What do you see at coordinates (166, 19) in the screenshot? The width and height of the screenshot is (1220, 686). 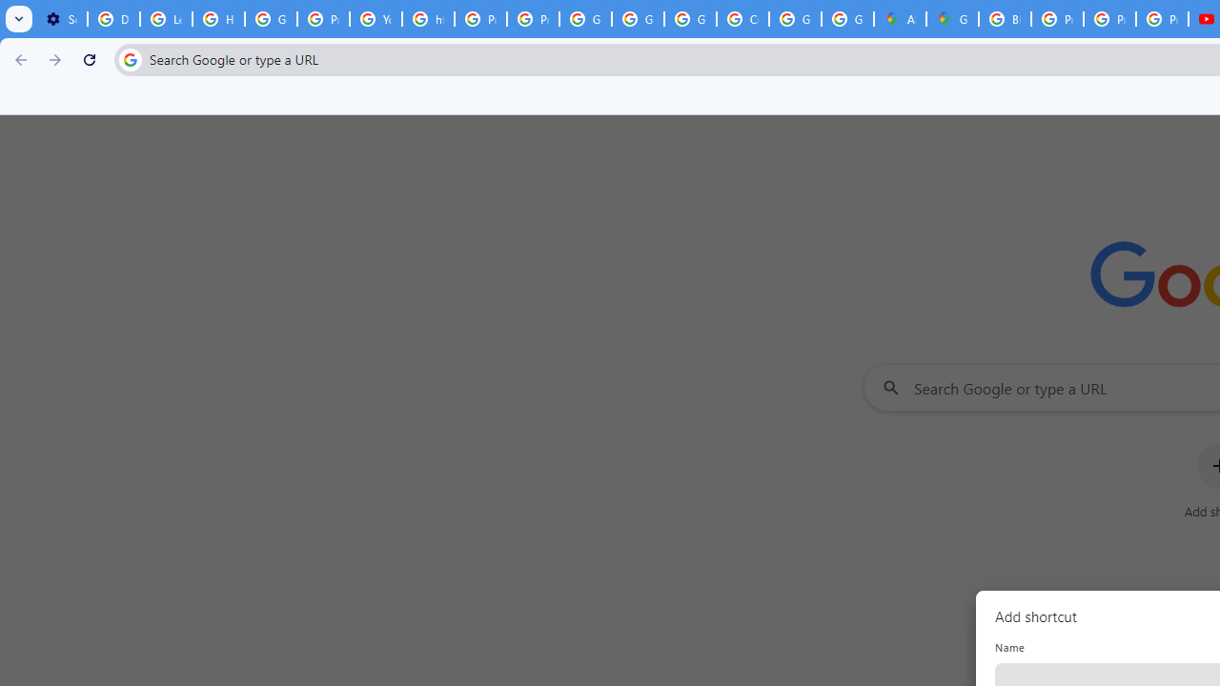 I see `'Learn how to find your photos - Google Photos Help'` at bounding box center [166, 19].